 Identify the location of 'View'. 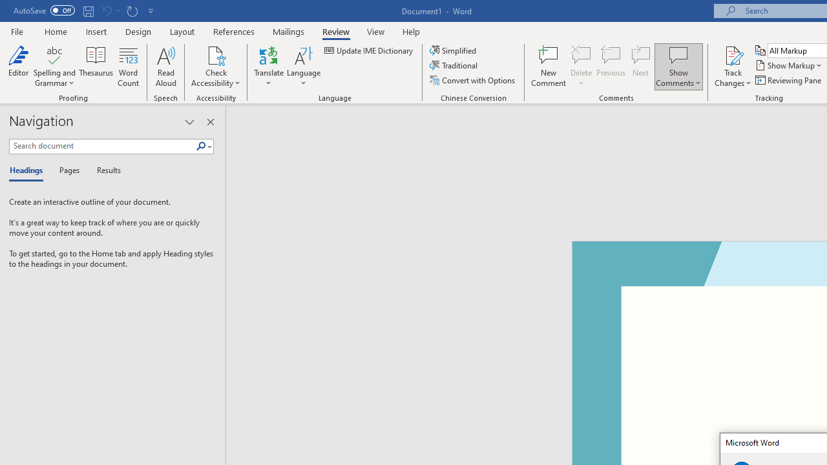
(375, 31).